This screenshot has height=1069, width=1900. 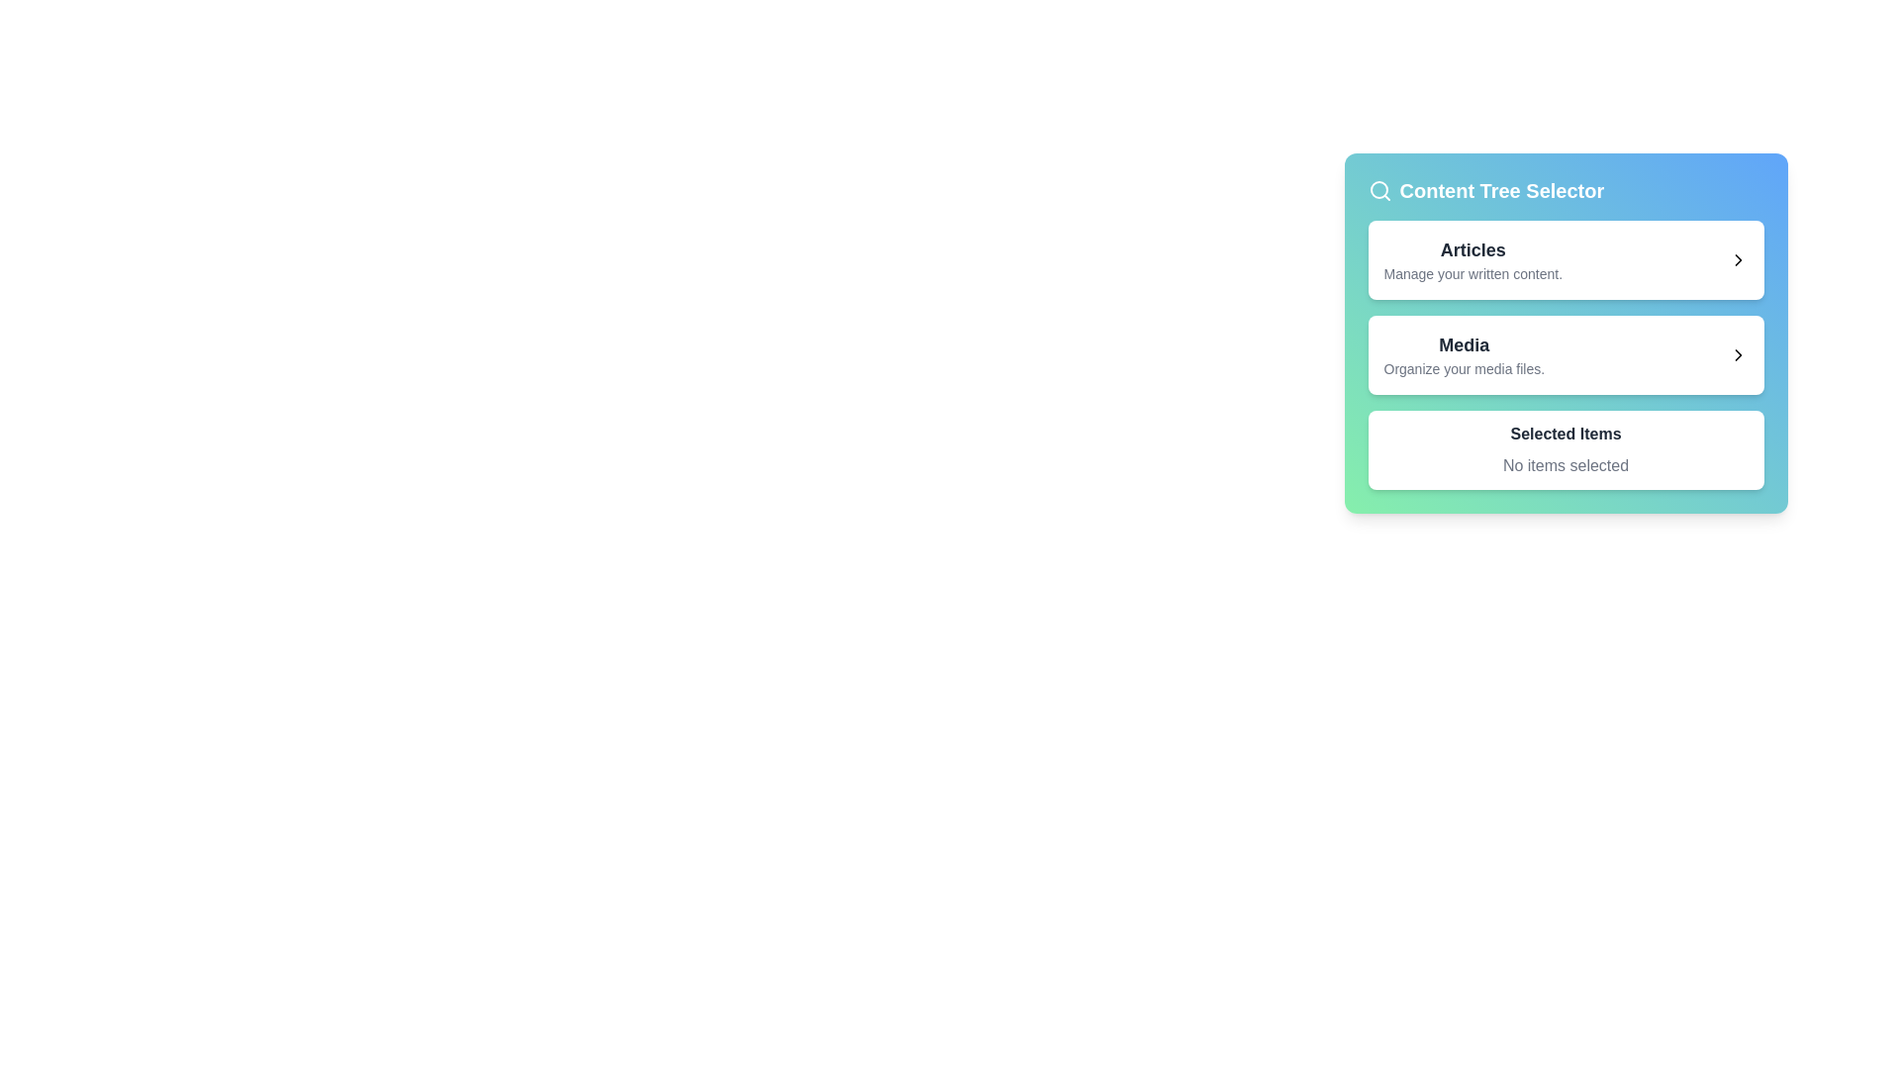 What do you see at coordinates (1472, 249) in the screenshot?
I see `the primary heading element that serves as a title or label for the content category, located at the top of the first option in the vertical list of content categories, just below the 'Content Tree Selector' header` at bounding box center [1472, 249].